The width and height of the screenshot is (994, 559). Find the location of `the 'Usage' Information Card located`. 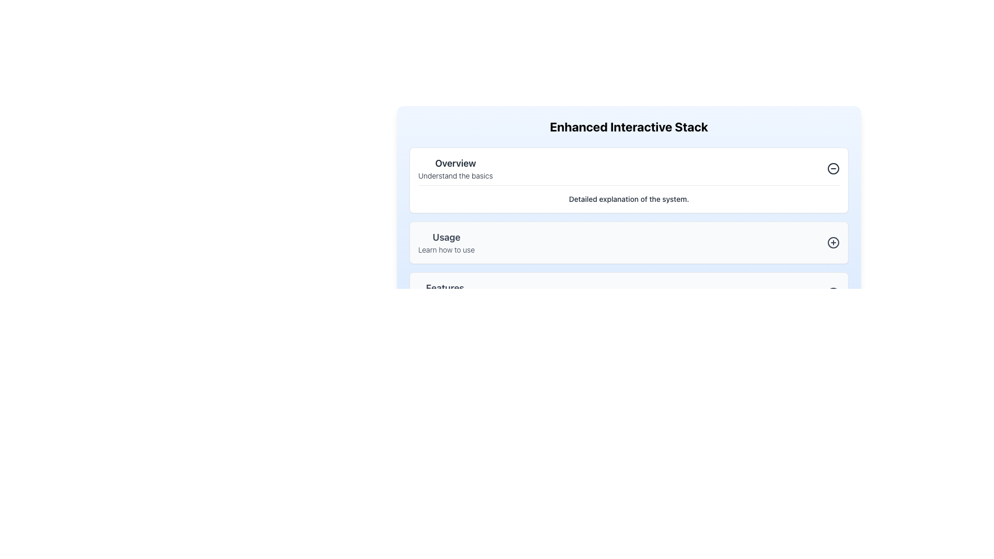

the 'Usage' Information Card located is located at coordinates (628, 230).